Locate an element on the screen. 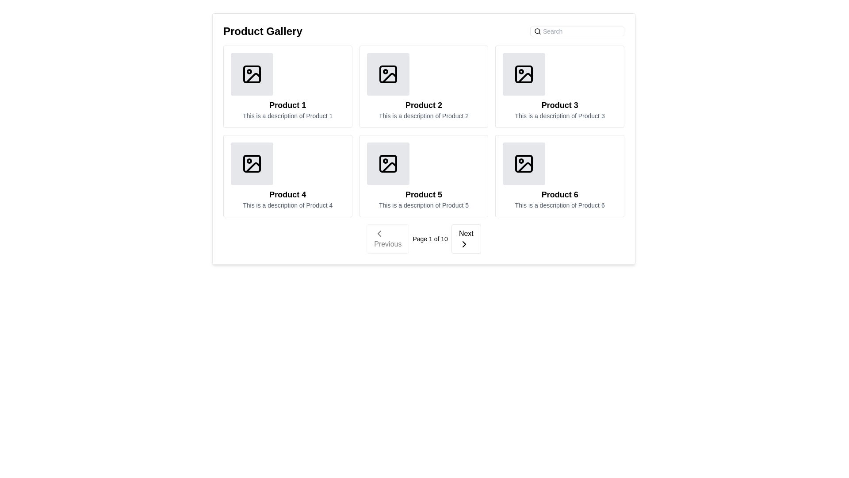 Image resolution: width=849 pixels, height=478 pixels. the text label displaying 'Page 1 of 10', which is centrally located between the 'Previous' and 'Next' buttons in the pagination control is located at coordinates (430, 239).